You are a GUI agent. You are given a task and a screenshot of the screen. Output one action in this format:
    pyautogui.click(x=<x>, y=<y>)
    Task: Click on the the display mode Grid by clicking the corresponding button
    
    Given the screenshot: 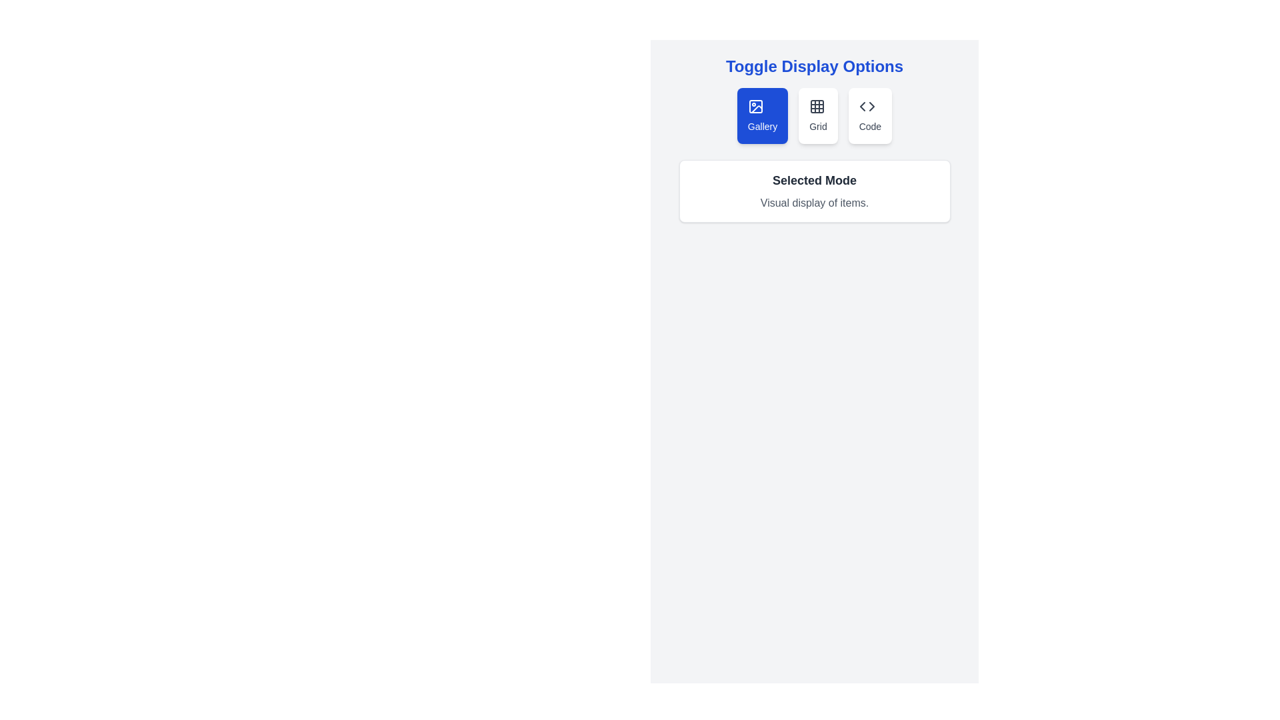 What is the action you would take?
    pyautogui.click(x=817, y=115)
    